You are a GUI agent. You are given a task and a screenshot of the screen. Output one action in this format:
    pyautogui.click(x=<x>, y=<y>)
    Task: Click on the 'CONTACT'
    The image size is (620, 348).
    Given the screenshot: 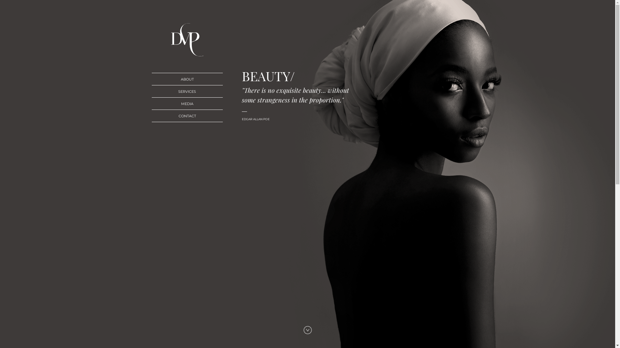 What is the action you would take?
    pyautogui.click(x=187, y=115)
    